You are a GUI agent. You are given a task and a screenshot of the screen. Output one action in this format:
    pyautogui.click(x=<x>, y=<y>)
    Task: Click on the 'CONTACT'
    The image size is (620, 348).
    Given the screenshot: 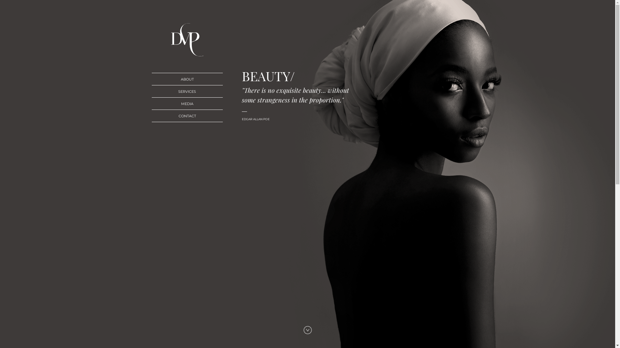 What is the action you would take?
    pyautogui.click(x=187, y=115)
    